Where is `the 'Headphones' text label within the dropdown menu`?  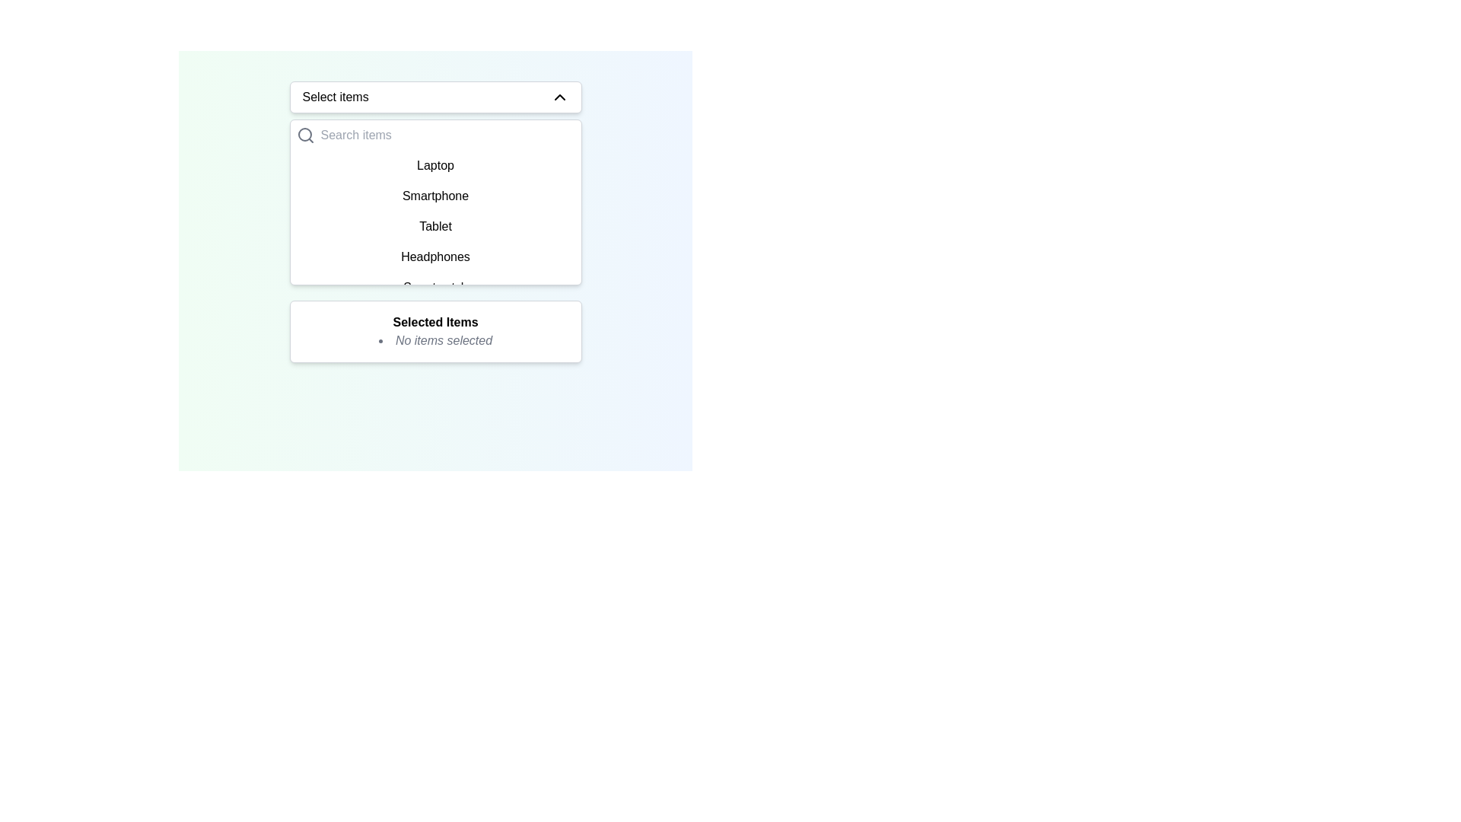
the 'Headphones' text label within the dropdown menu is located at coordinates (434, 256).